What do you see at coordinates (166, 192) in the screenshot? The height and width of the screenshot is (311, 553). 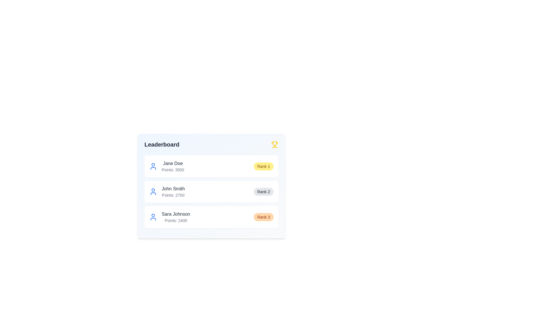 I see `to select the second entry in the leaderboard, which displays the user's name and score, located below 'Jane Doe' and above 'Sara Johnson'` at bounding box center [166, 192].